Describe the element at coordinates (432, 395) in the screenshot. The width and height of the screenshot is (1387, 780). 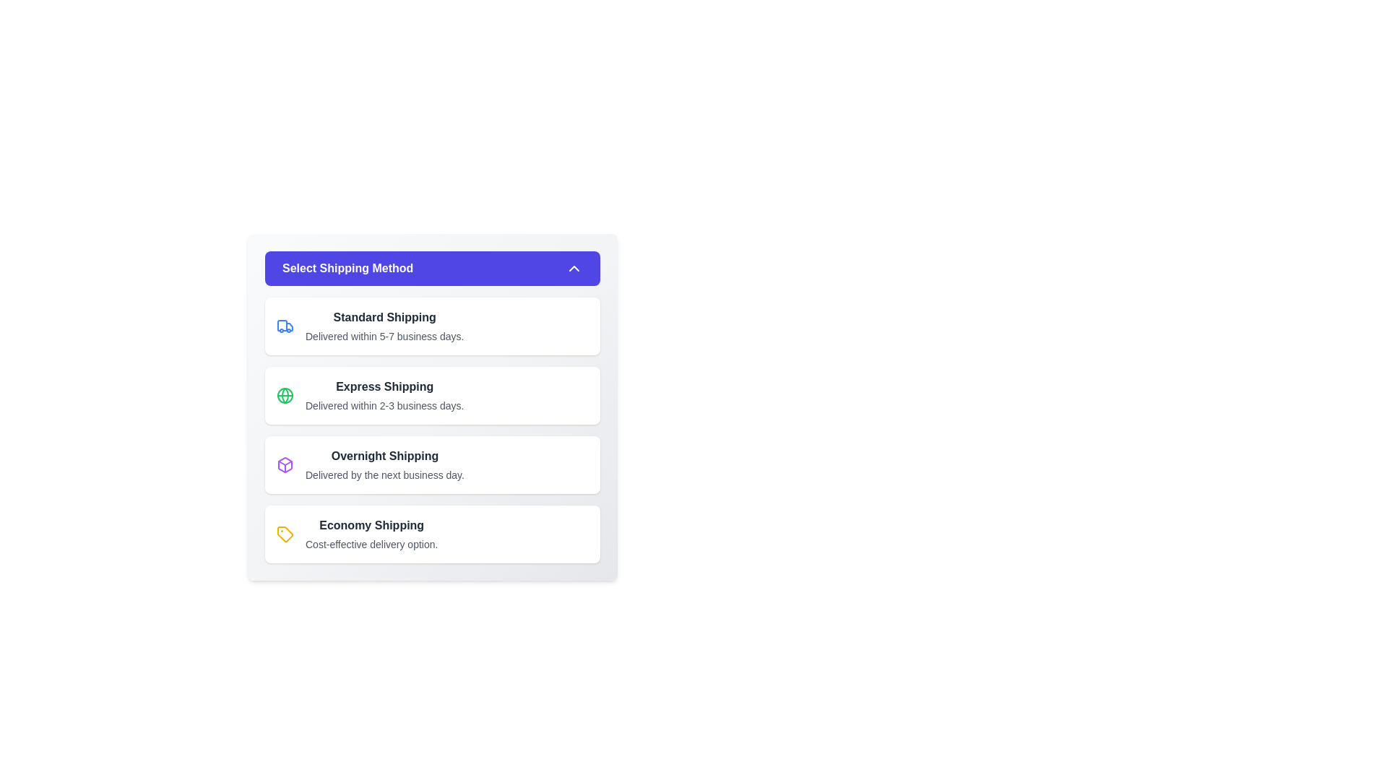
I see `the 'Express Shipping' selectable option box, which has a green globe icon and is styled with a white background and rounded corners` at that location.